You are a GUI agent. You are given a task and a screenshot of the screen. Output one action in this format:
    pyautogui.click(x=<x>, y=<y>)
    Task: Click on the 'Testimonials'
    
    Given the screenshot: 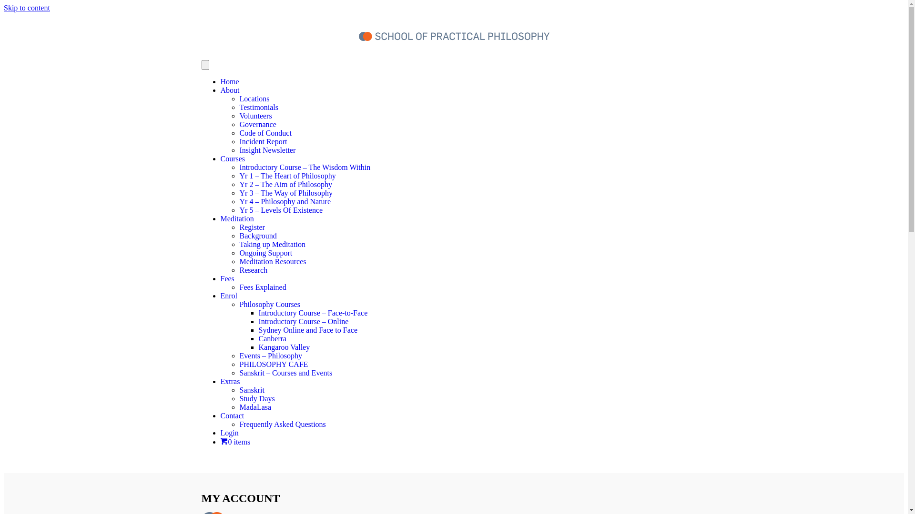 What is the action you would take?
    pyautogui.click(x=239, y=107)
    